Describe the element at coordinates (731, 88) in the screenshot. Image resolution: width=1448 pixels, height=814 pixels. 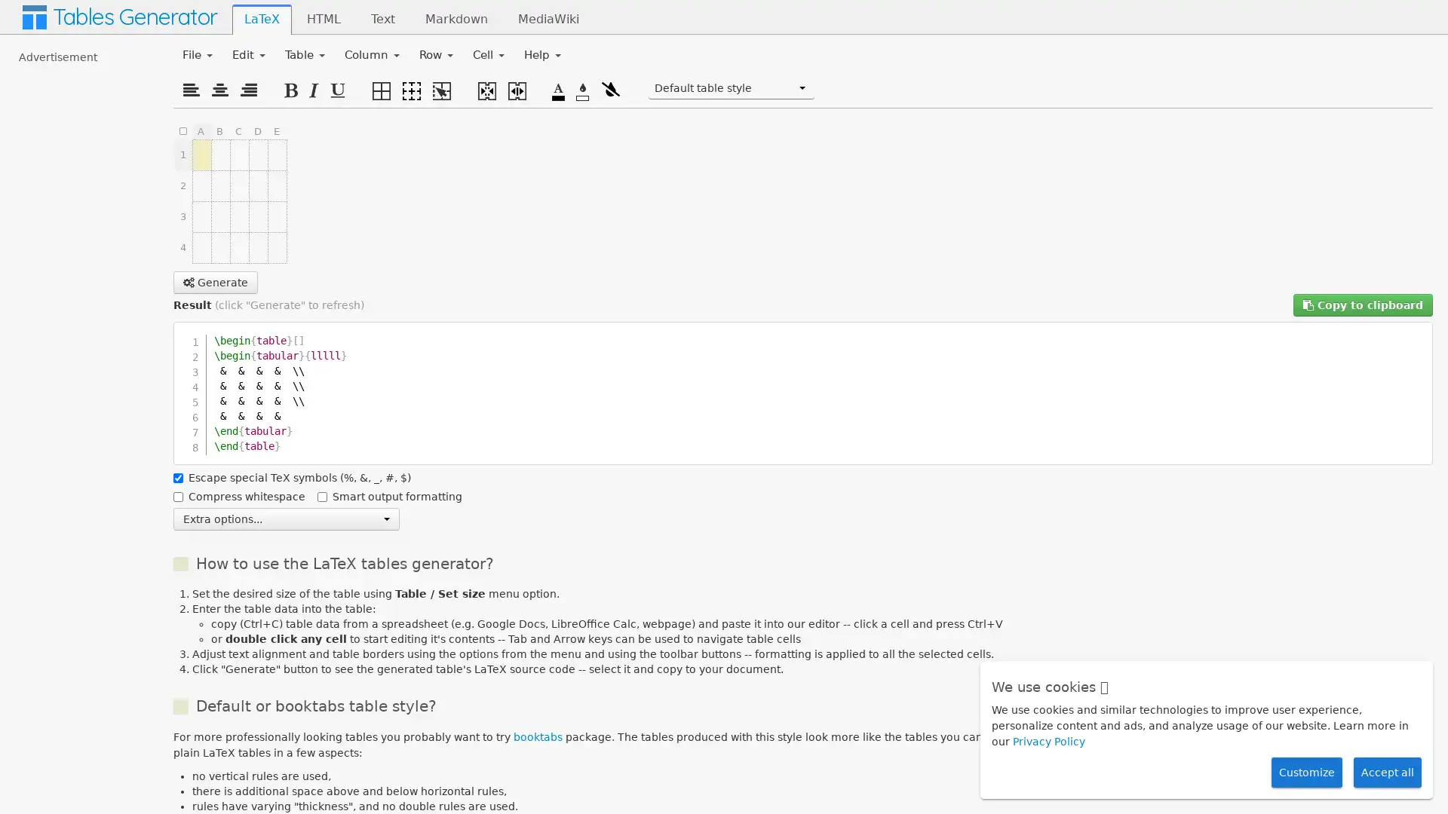
I see `Default table style` at that location.